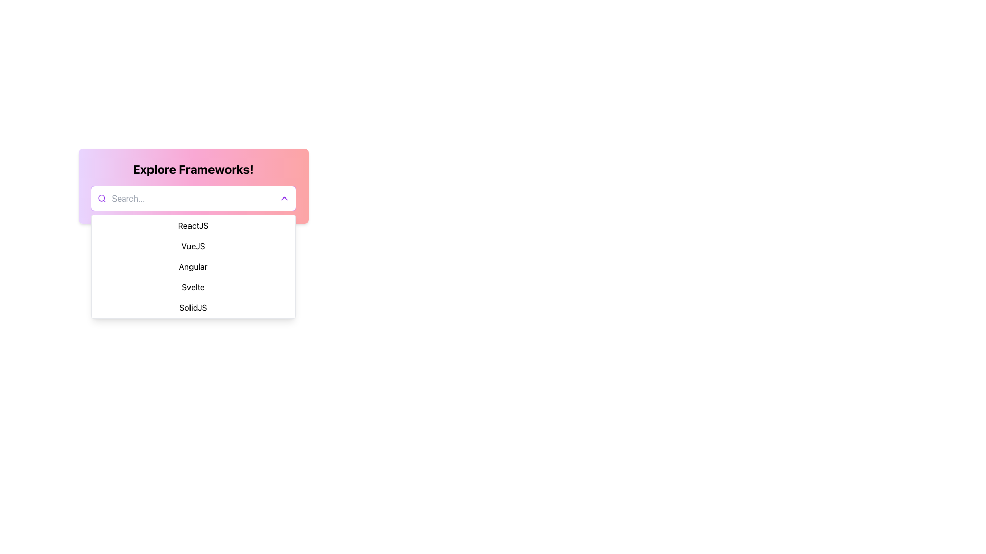 This screenshot has height=554, width=986. What do you see at coordinates (193, 225) in the screenshot?
I see `the first item in the dropdown menu that allows the user to select 'ReactJS' as a framework` at bounding box center [193, 225].